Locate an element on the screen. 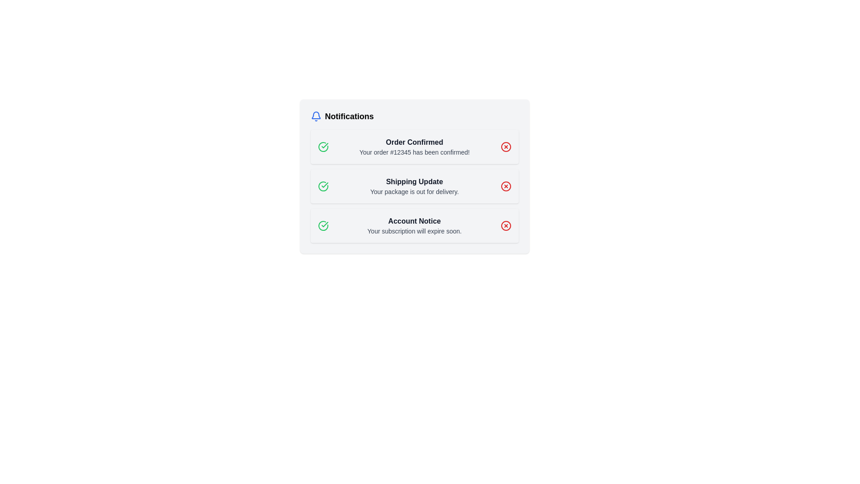 Image resolution: width=860 pixels, height=484 pixels. text displayed in the third notification of the notification list, which informs the user about their subscription expiring soon is located at coordinates (414, 225).